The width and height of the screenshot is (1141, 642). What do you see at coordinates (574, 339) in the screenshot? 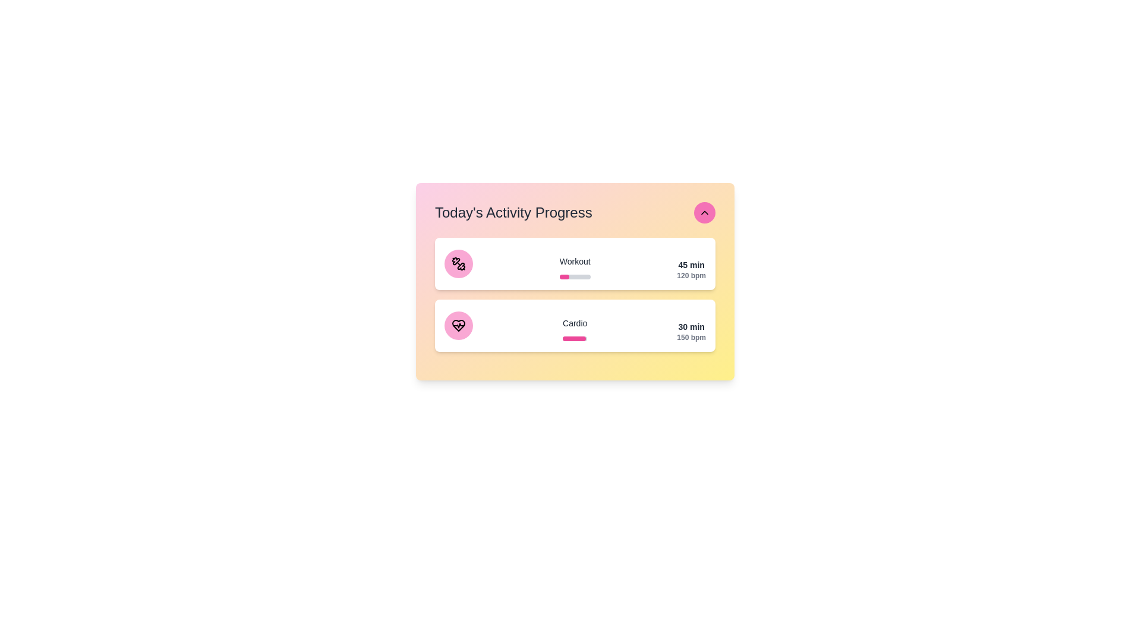
I see `the second progress bar that visually displays the progression of the 'Cardio' activity, located directly under the 'Cardio' label` at bounding box center [574, 339].